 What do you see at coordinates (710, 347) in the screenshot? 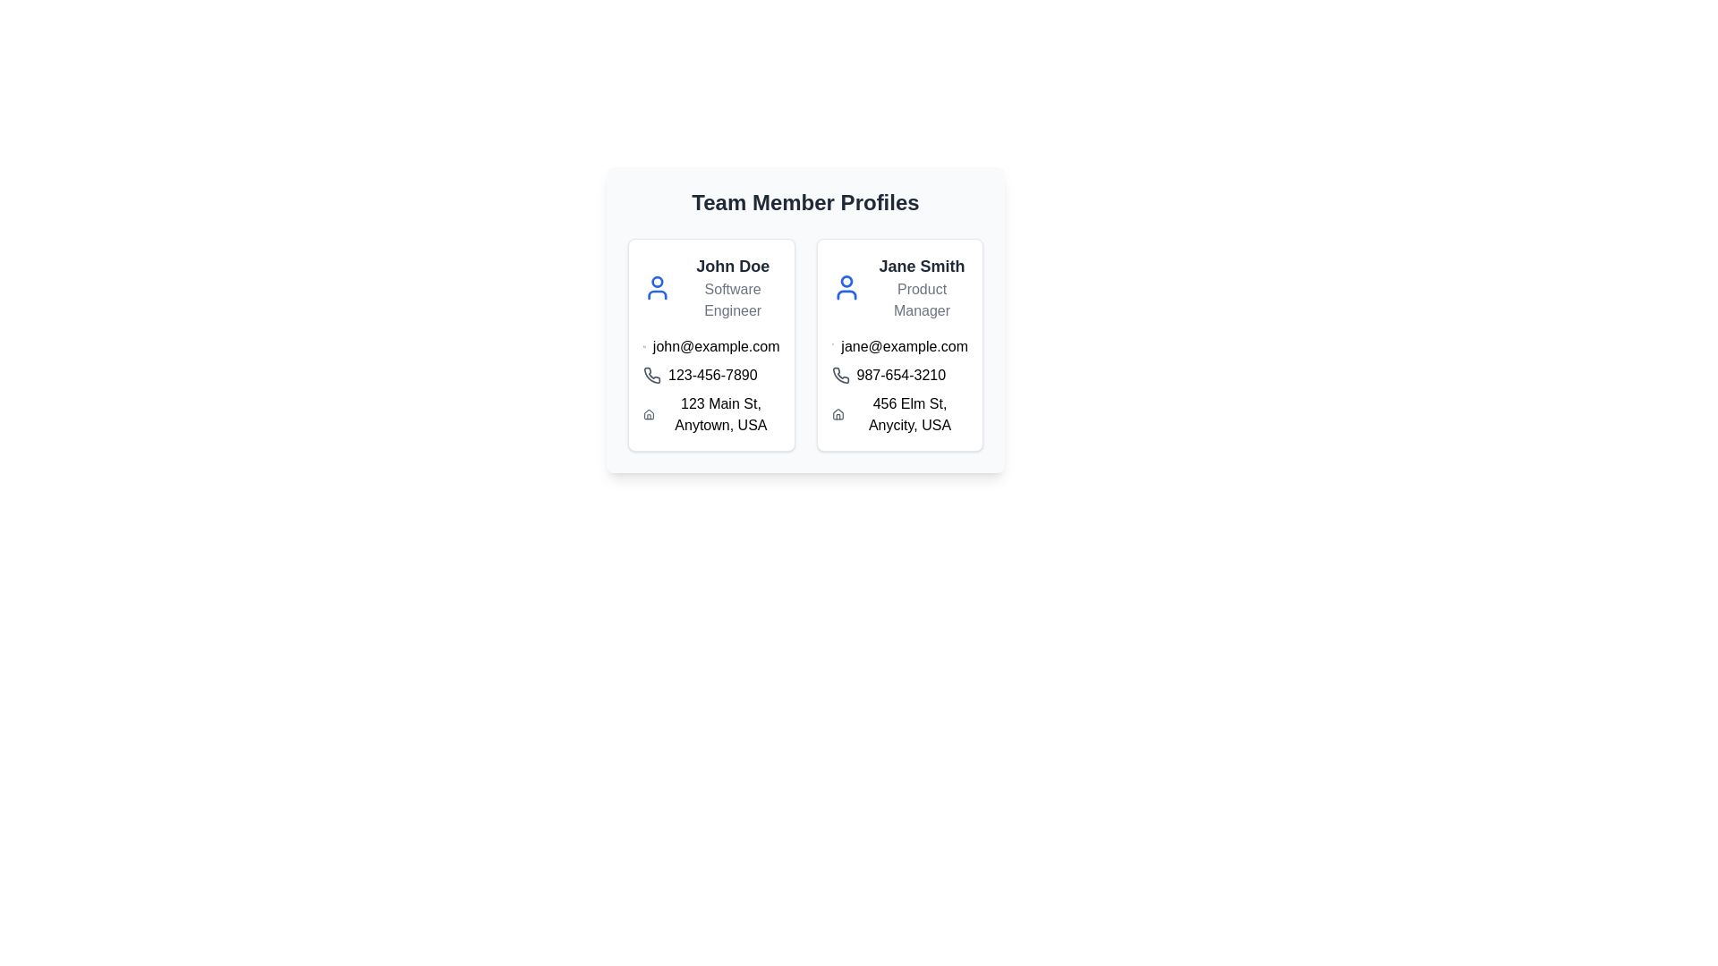
I see `the email address identifier text label located beneath the name 'John Doe' and above the phone number '123-456-7890'` at bounding box center [710, 347].